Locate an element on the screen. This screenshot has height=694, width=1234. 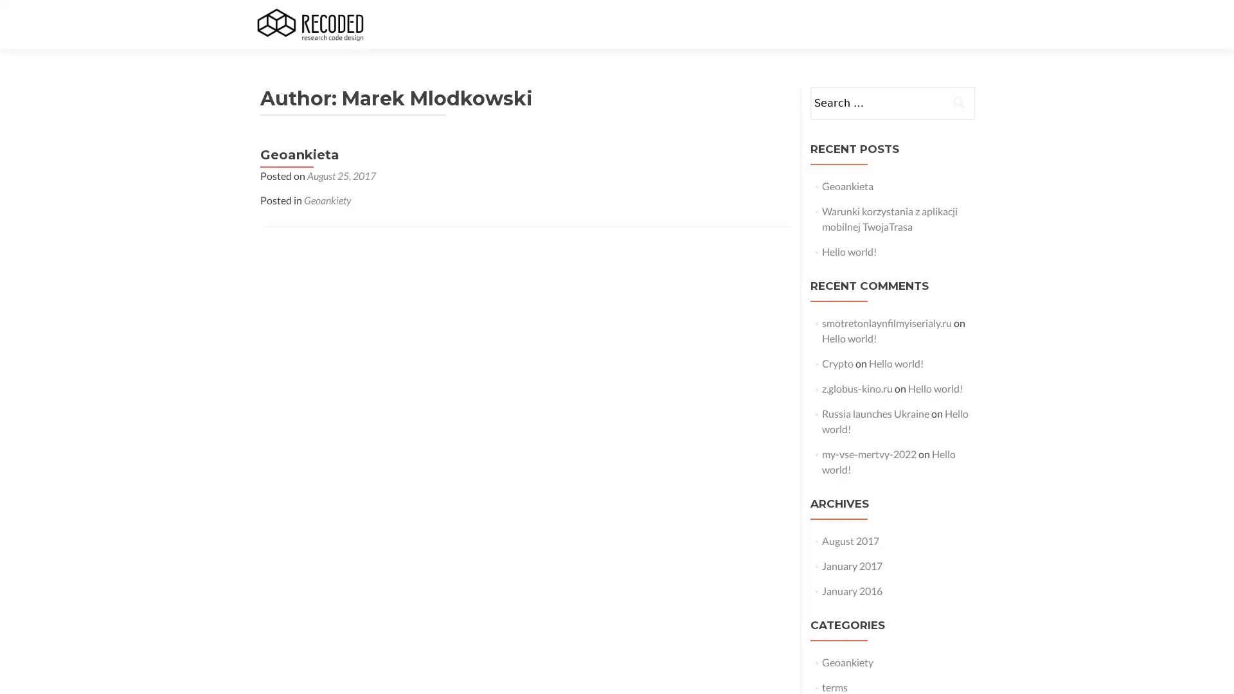
Search is located at coordinates (959, 101).